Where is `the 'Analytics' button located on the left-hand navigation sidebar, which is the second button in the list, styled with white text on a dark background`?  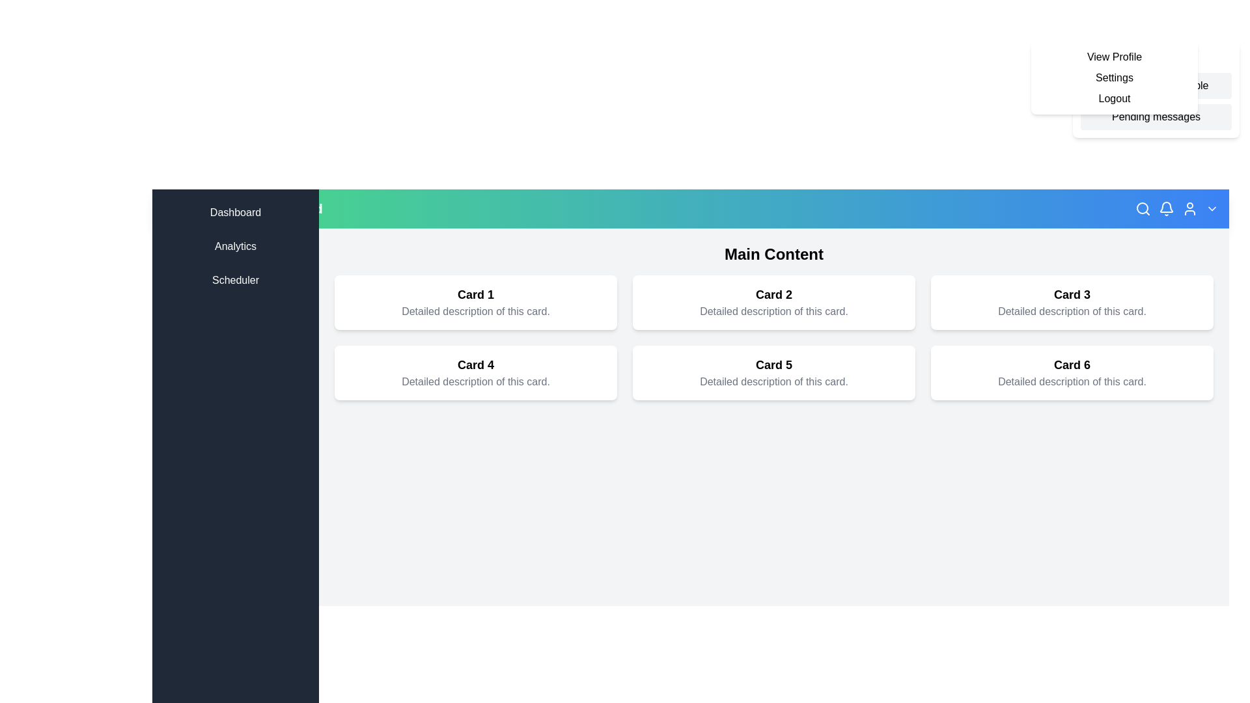 the 'Analytics' button located on the left-hand navigation sidebar, which is the second button in the list, styled with white text on a dark background is located at coordinates (235, 246).